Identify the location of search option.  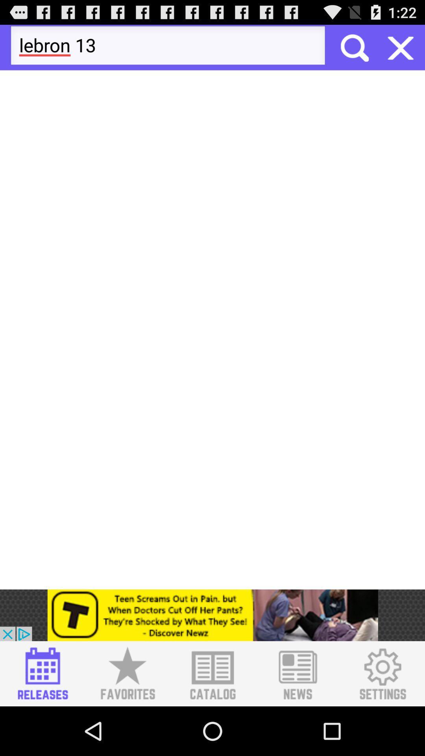
(353, 47).